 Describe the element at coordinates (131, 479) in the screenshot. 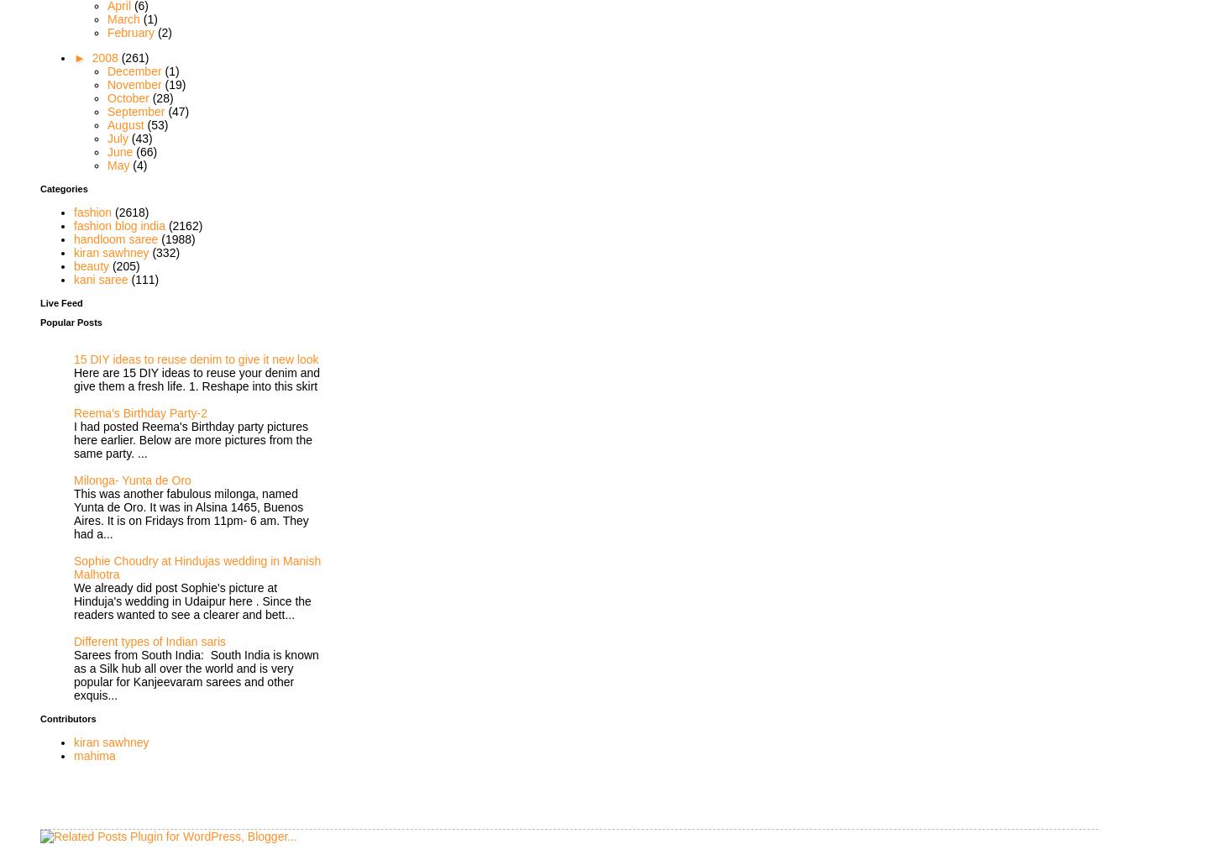

I see `'Milonga- Yunta de Oro'` at that location.